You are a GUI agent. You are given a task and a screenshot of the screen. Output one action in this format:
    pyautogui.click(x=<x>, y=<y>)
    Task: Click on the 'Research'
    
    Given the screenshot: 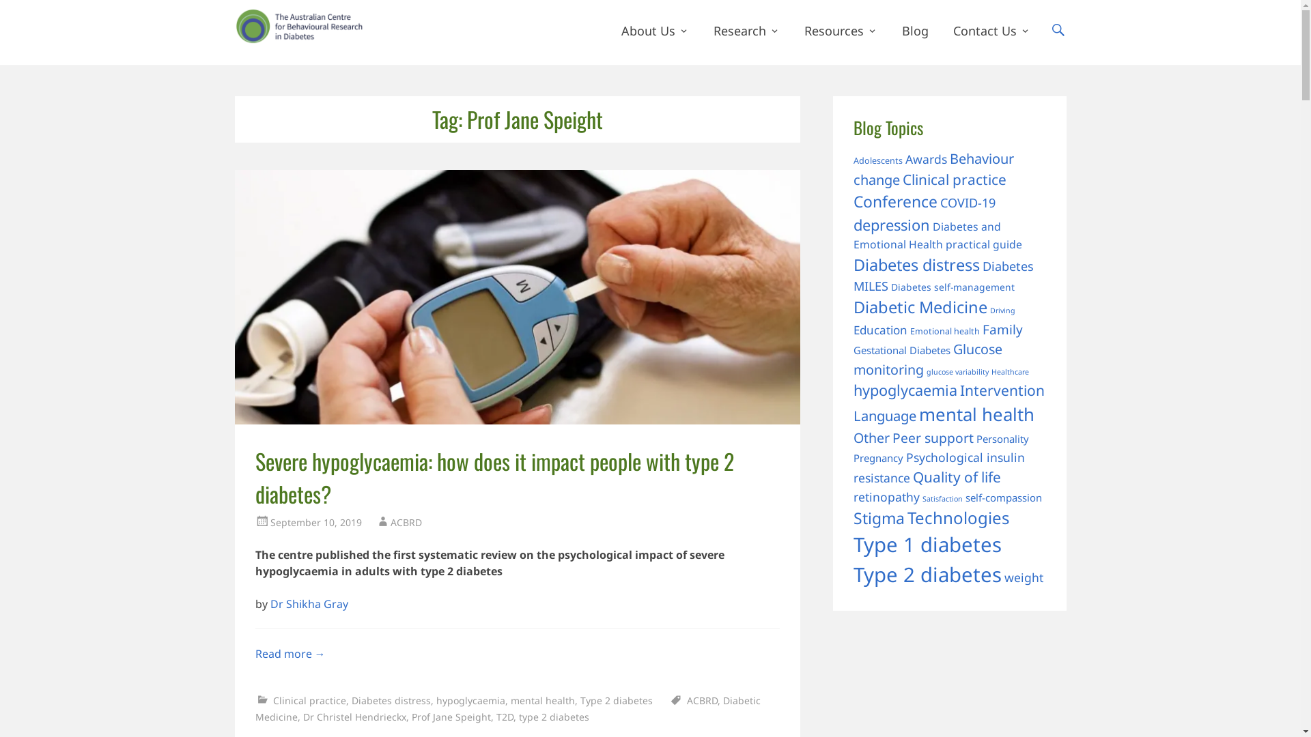 What is the action you would take?
    pyautogui.click(x=745, y=31)
    